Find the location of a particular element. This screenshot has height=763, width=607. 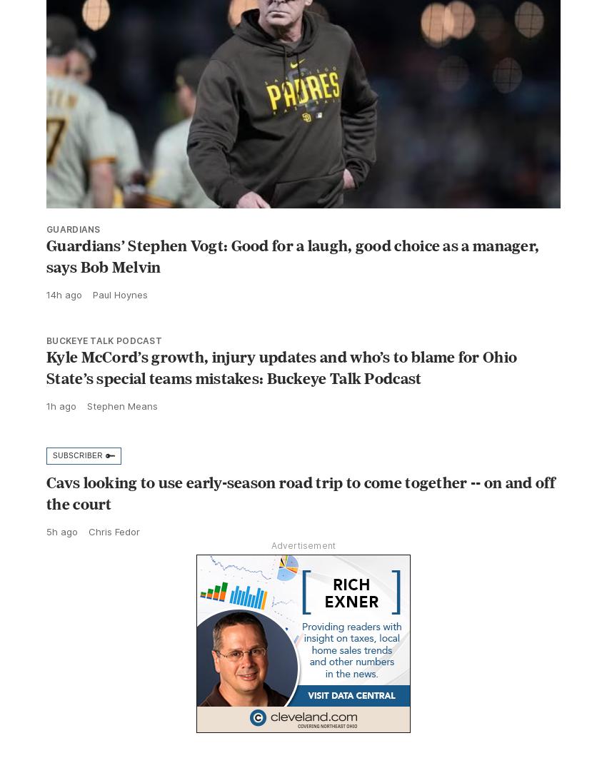

'Chris Fedor' is located at coordinates (114, 562).